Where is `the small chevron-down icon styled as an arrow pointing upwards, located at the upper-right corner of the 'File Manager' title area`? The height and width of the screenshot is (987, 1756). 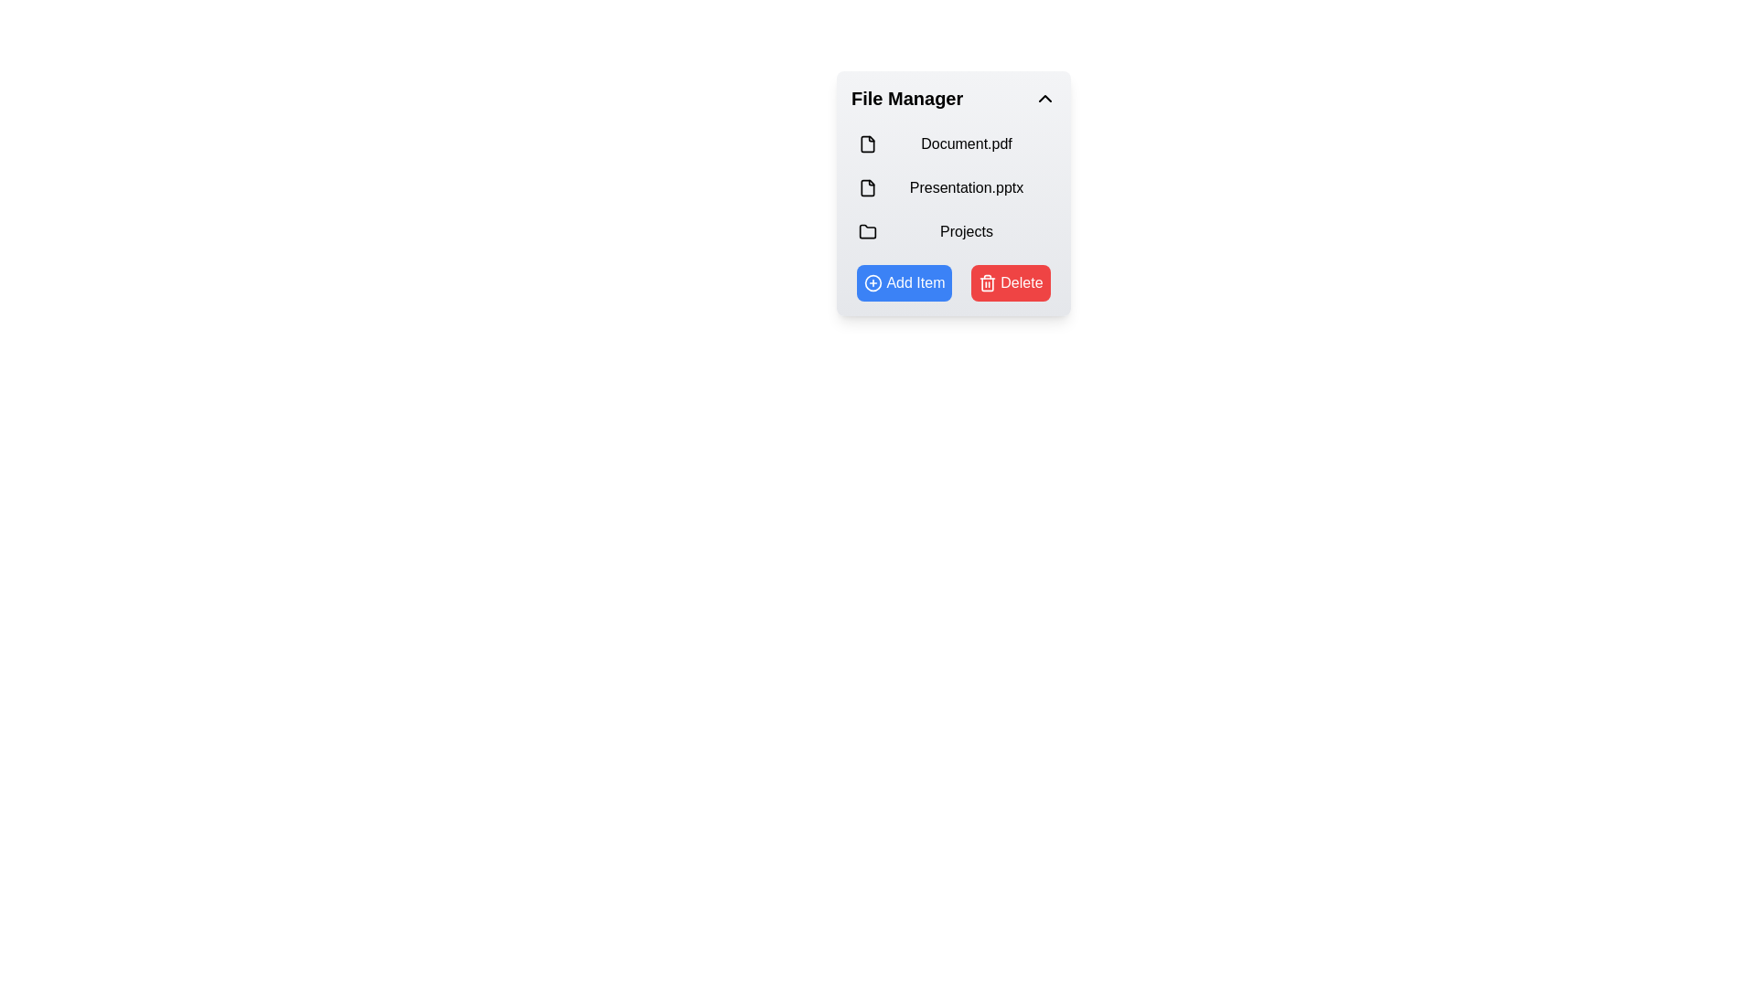 the small chevron-down icon styled as an arrow pointing upwards, located at the upper-right corner of the 'File Manager' title area is located at coordinates (1044, 99).